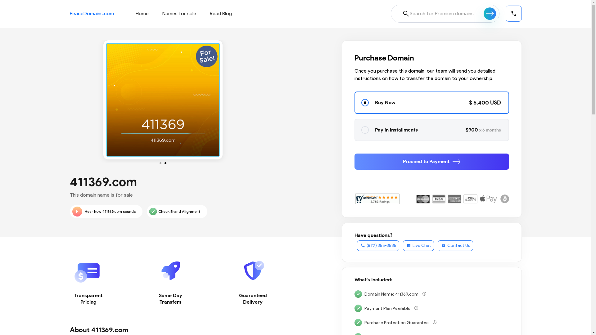 This screenshot has width=596, height=335. What do you see at coordinates (91, 13) in the screenshot?
I see `'PeaceDomains.com'` at bounding box center [91, 13].